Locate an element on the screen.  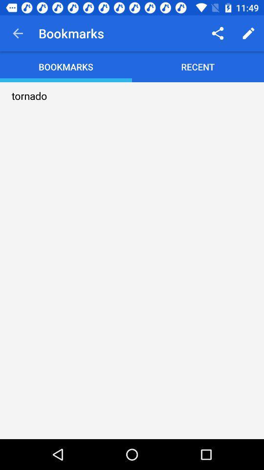
the item to the left of bookmarks is located at coordinates (18, 33).